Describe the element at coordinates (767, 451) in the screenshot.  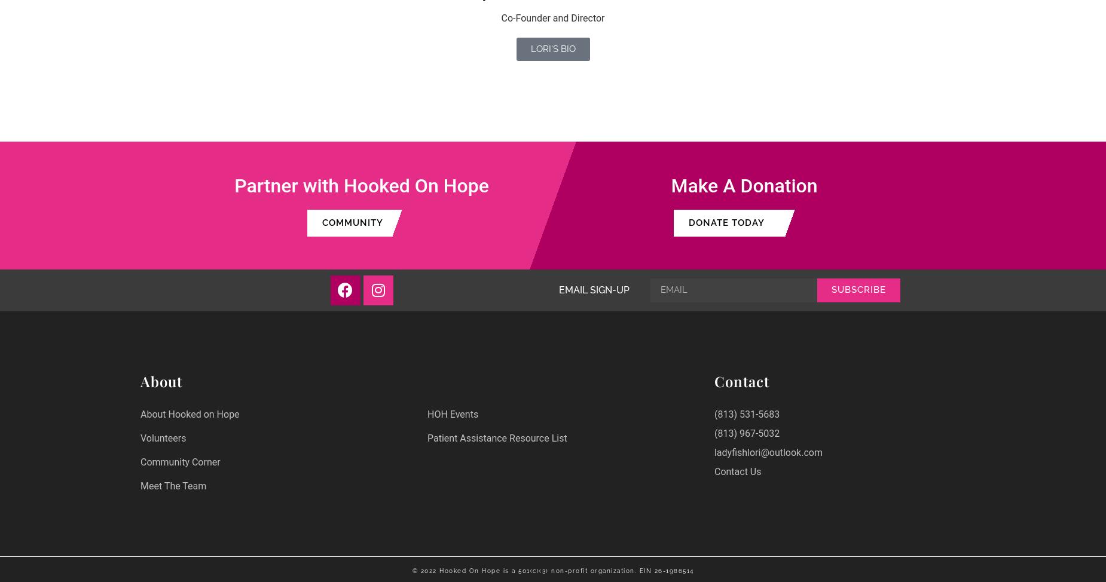
I see `'ladyfishlori@outlook.com'` at that location.